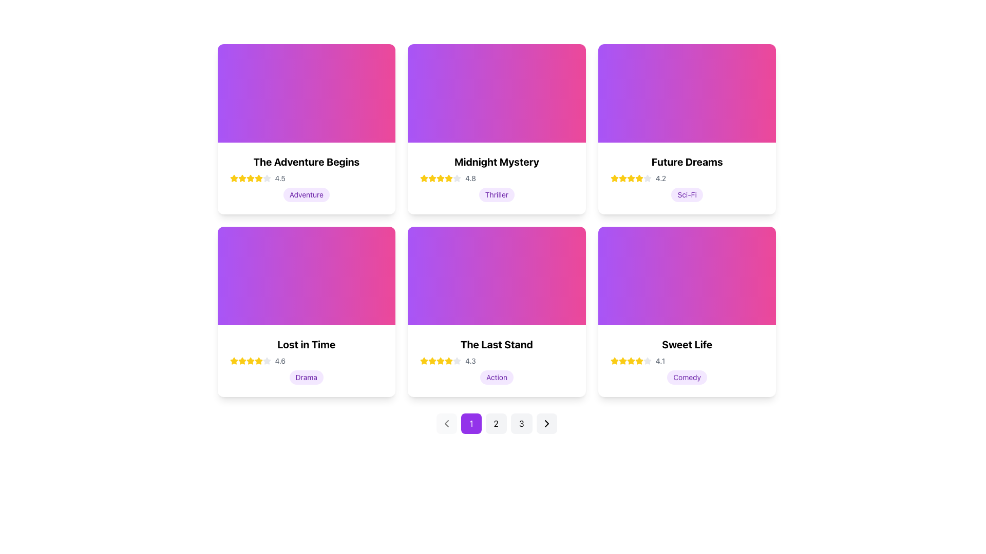 The width and height of the screenshot is (986, 554). What do you see at coordinates (496, 423) in the screenshot?
I see `the pagination control button that navigates to the second page, located between the elements '1' and '3' at the bottom center of the interface` at bounding box center [496, 423].